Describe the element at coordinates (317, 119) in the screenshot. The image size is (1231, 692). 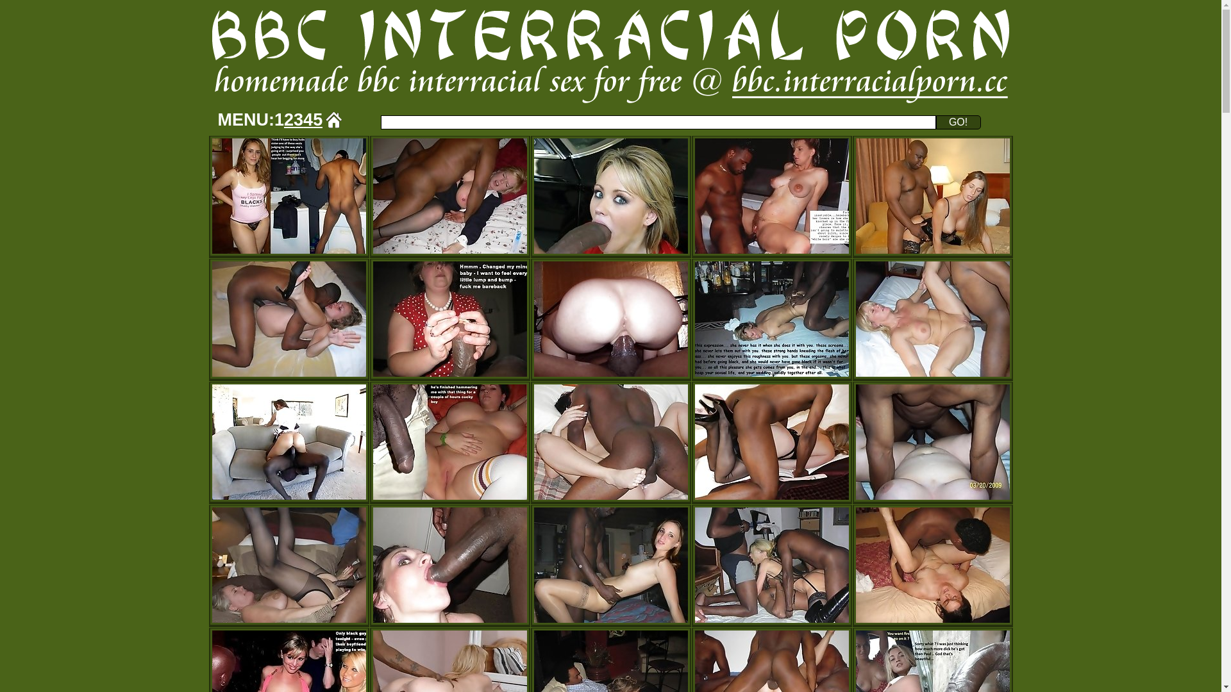
I see `'5'` at that location.